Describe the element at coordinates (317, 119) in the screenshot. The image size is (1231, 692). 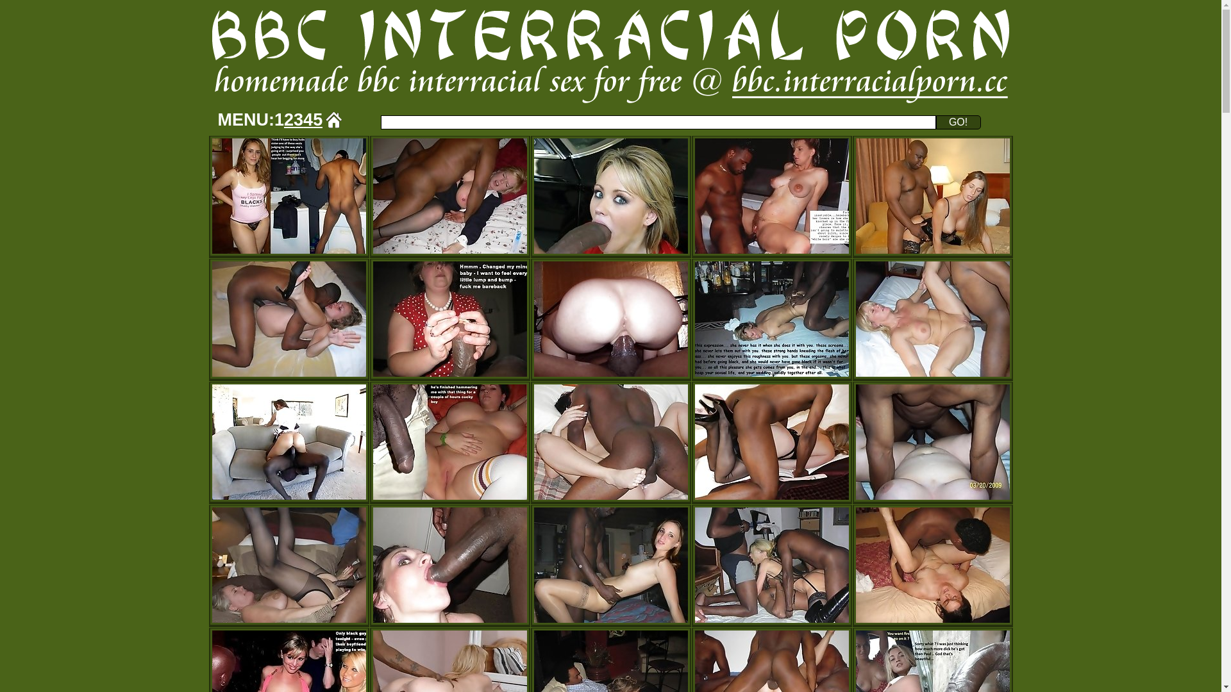
I see `'5'` at that location.